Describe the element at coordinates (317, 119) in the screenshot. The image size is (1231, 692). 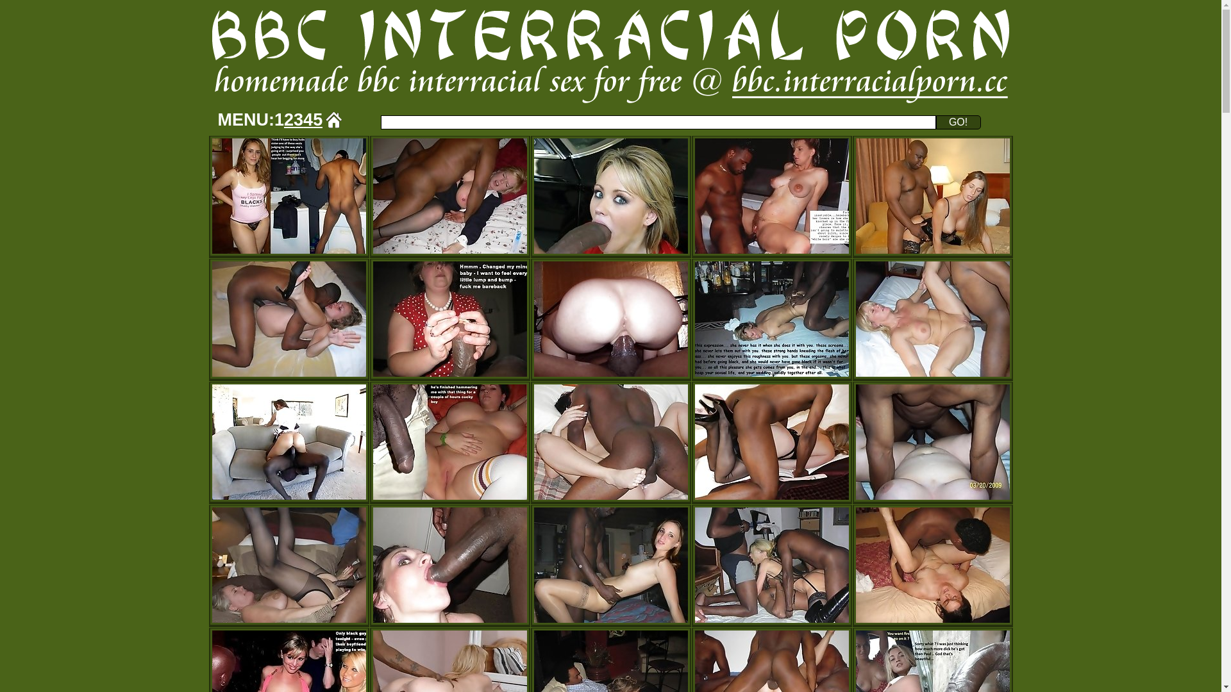
I see `'5'` at that location.